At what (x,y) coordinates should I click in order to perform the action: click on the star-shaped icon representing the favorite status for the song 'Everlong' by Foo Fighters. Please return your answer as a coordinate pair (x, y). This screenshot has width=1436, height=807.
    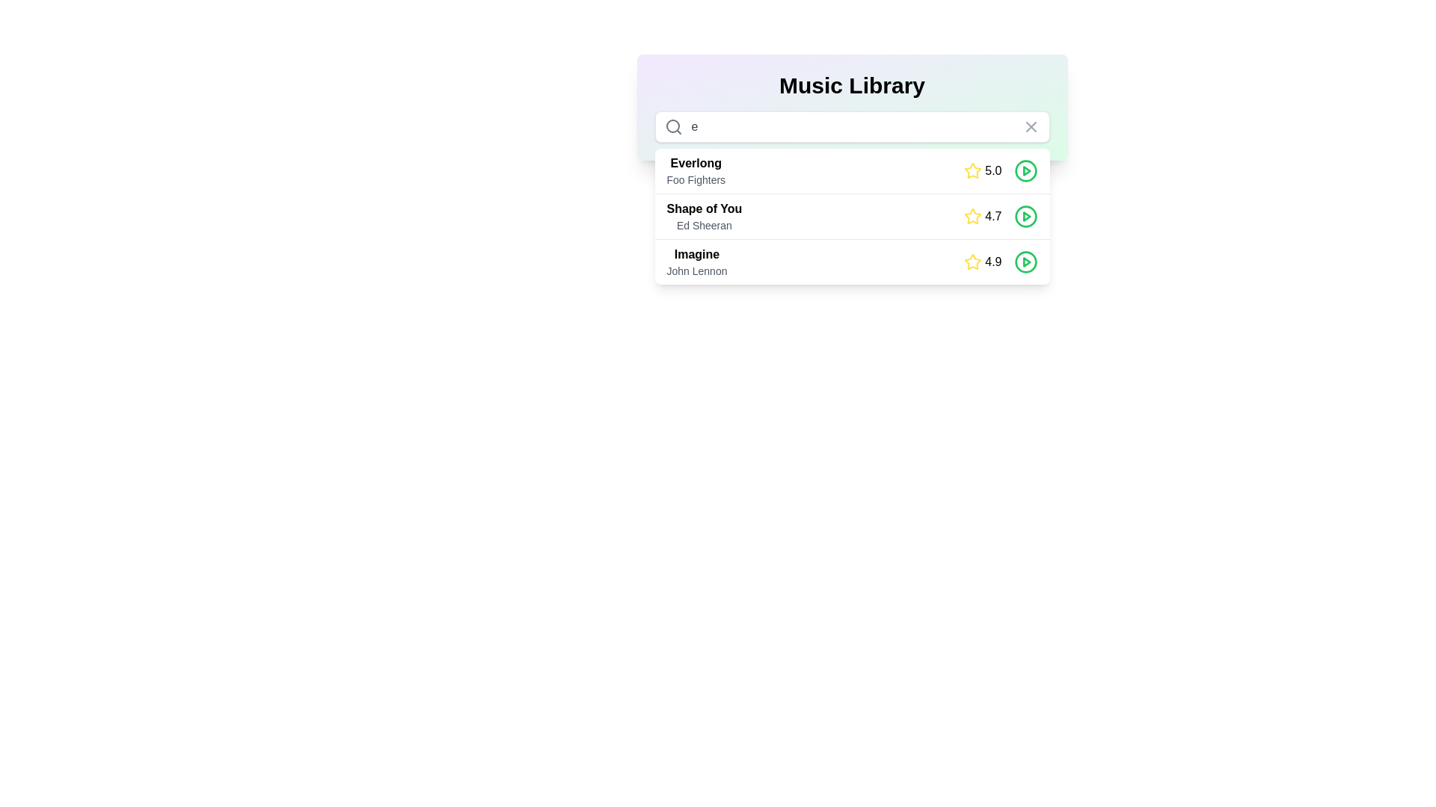
    Looking at the image, I should click on (973, 170).